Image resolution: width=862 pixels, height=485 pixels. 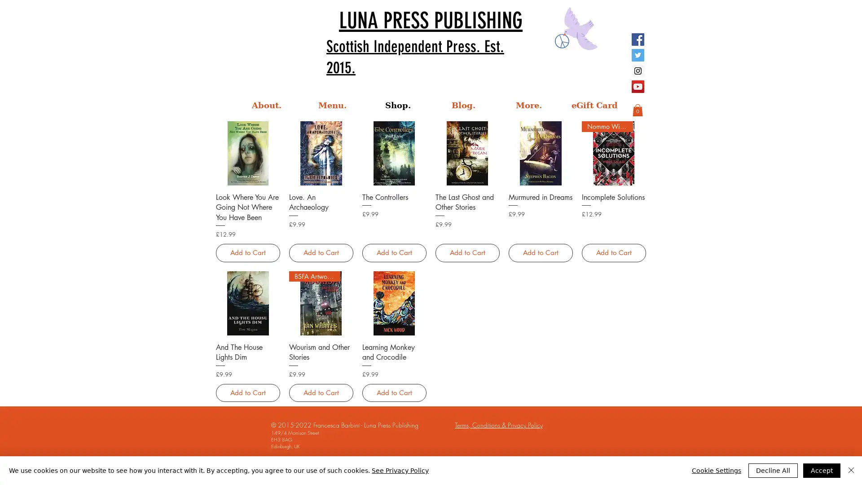 What do you see at coordinates (321, 195) in the screenshot?
I see `Quick View` at bounding box center [321, 195].